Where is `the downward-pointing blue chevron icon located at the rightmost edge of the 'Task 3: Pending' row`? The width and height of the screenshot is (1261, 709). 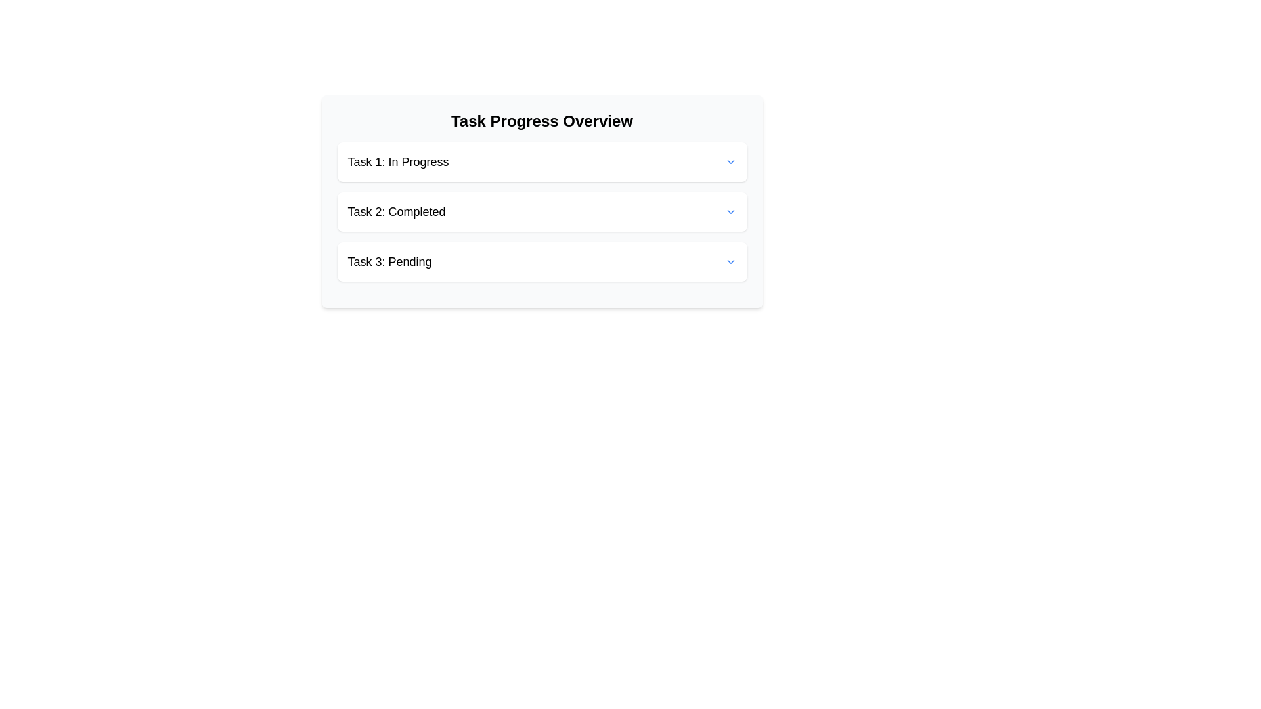 the downward-pointing blue chevron icon located at the rightmost edge of the 'Task 3: Pending' row is located at coordinates (730, 261).